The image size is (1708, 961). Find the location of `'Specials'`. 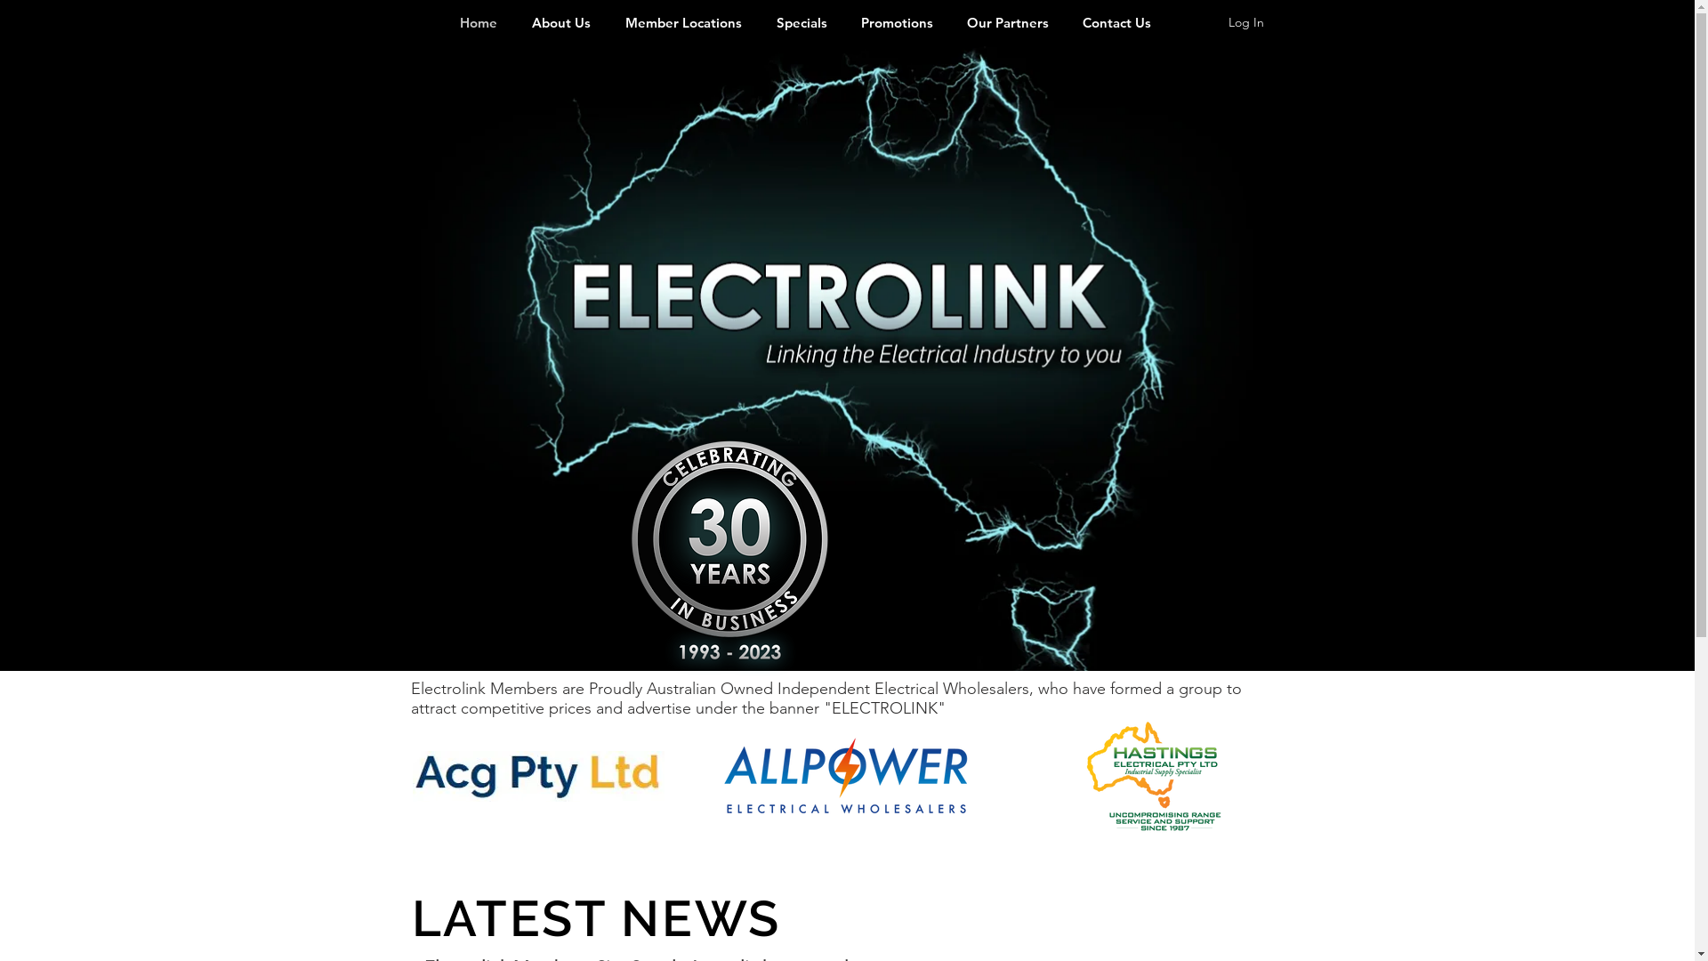

'Specials' is located at coordinates (760, 22).